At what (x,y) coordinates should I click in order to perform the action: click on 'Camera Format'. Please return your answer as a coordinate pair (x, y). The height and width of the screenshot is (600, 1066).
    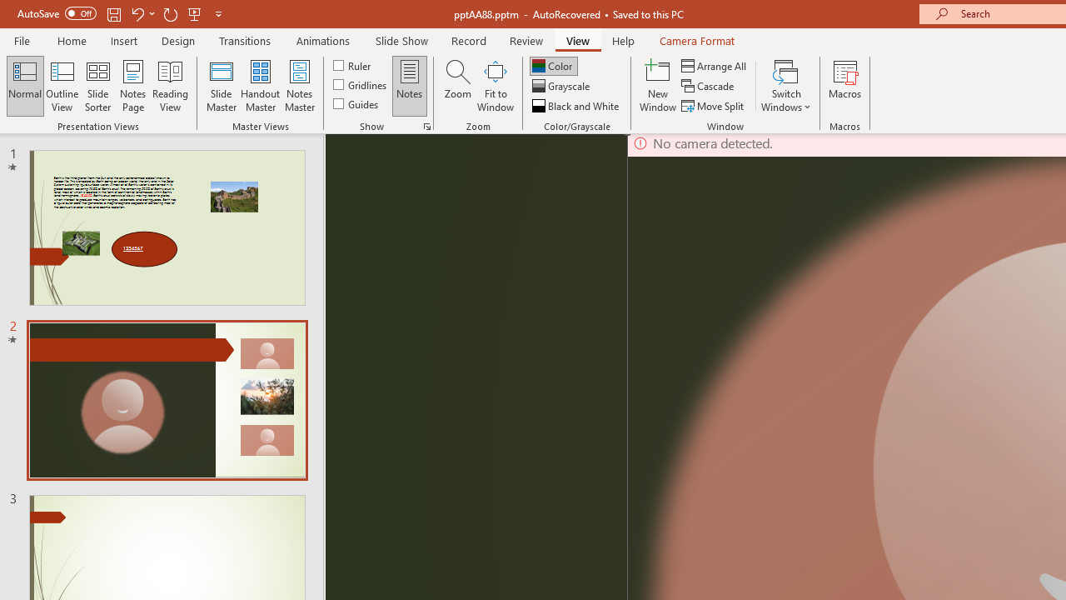
    Looking at the image, I should click on (697, 40).